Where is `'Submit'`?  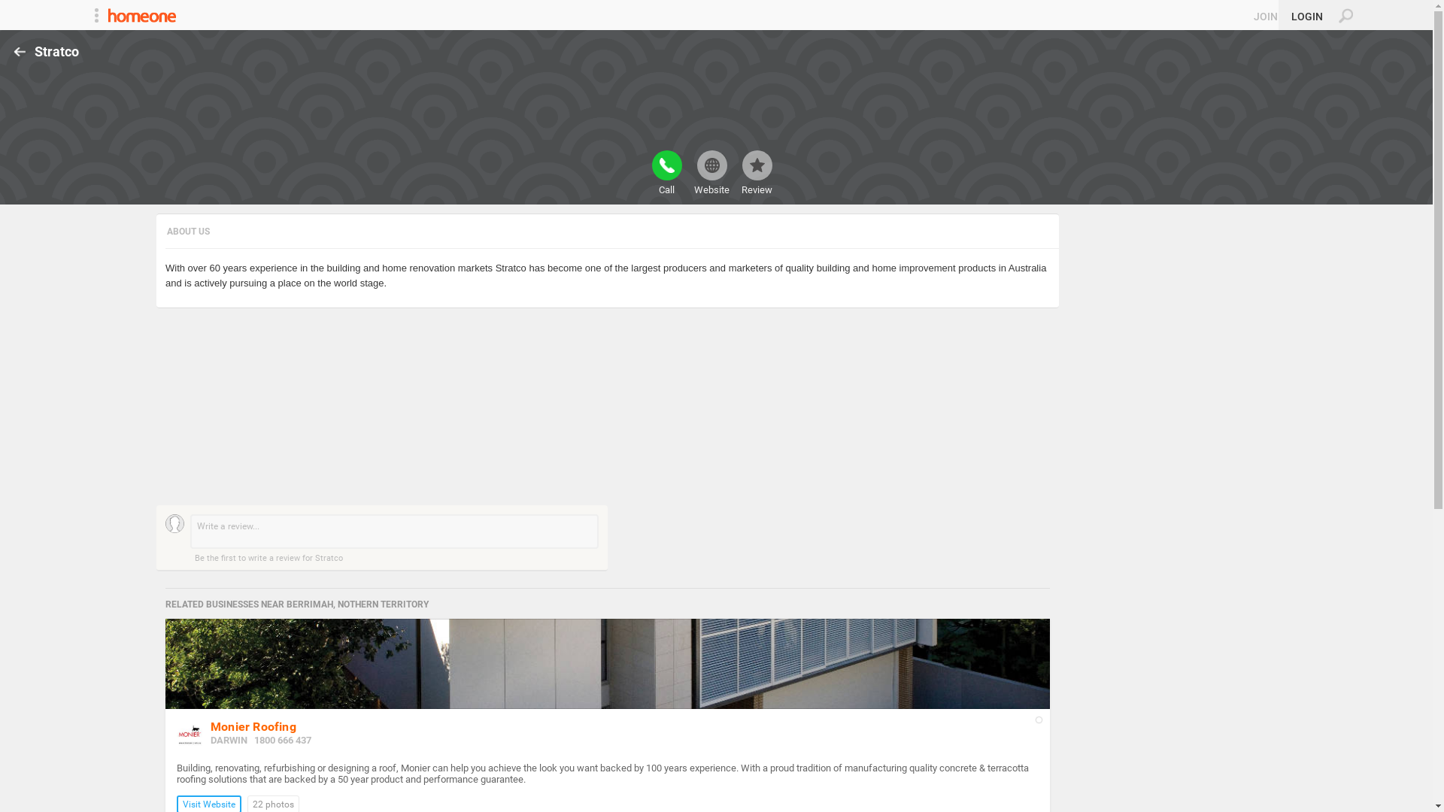
'Submit' is located at coordinates (18, 8).